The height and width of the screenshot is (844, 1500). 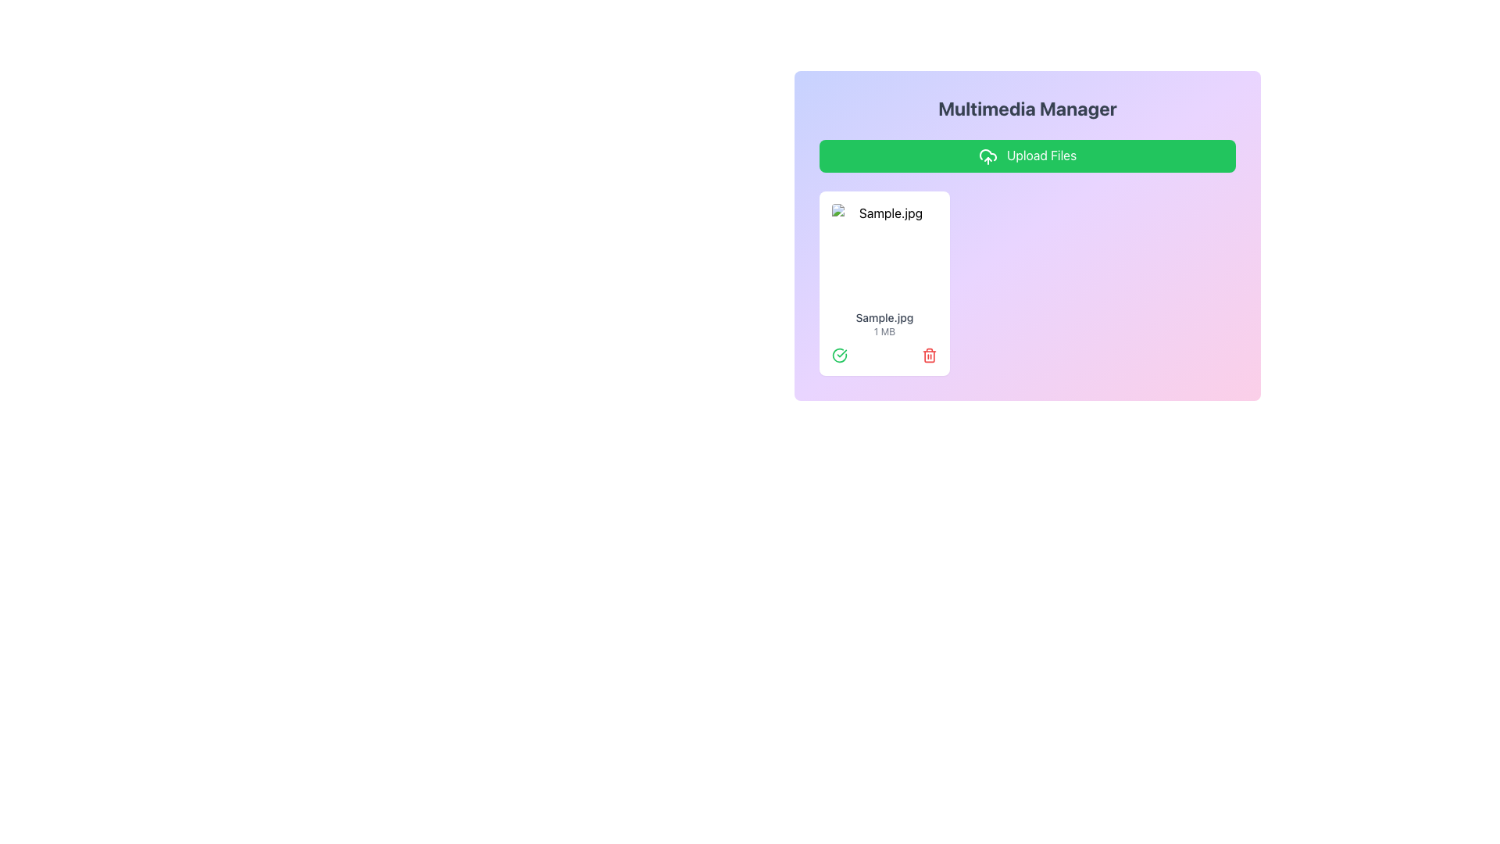 What do you see at coordinates (884, 283) in the screenshot?
I see `the File Card located` at bounding box center [884, 283].